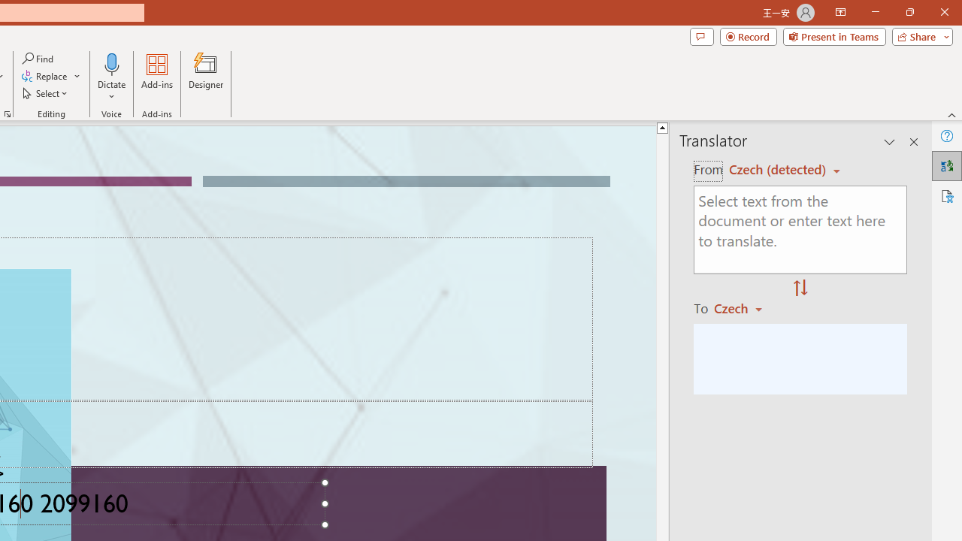 The image size is (962, 541). What do you see at coordinates (46, 93) in the screenshot?
I see `'Select'` at bounding box center [46, 93].